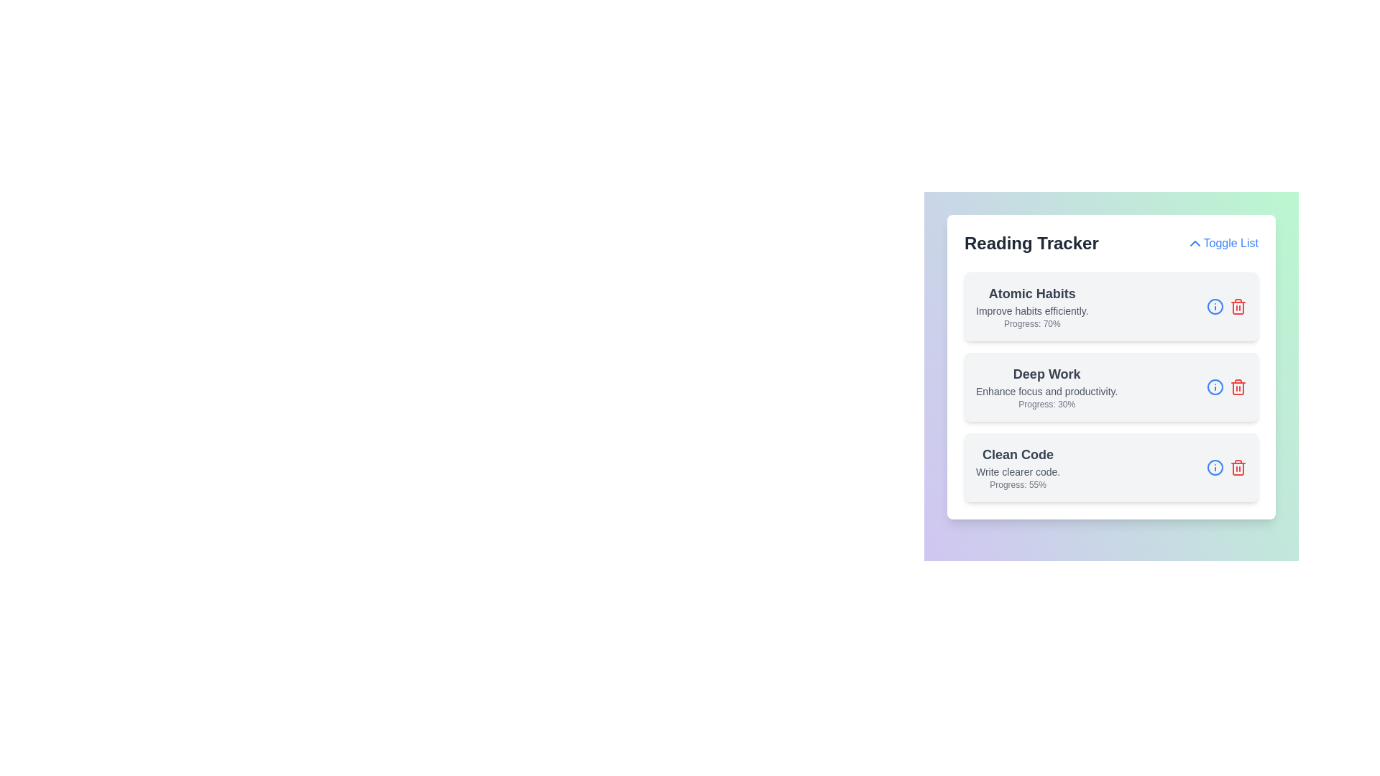  Describe the element at coordinates (1017, 454) in the screenshot. I see `text content of the 'Clean Code' label, which is a large, bold, dark gray text in the Reading Tracker section` at that location.